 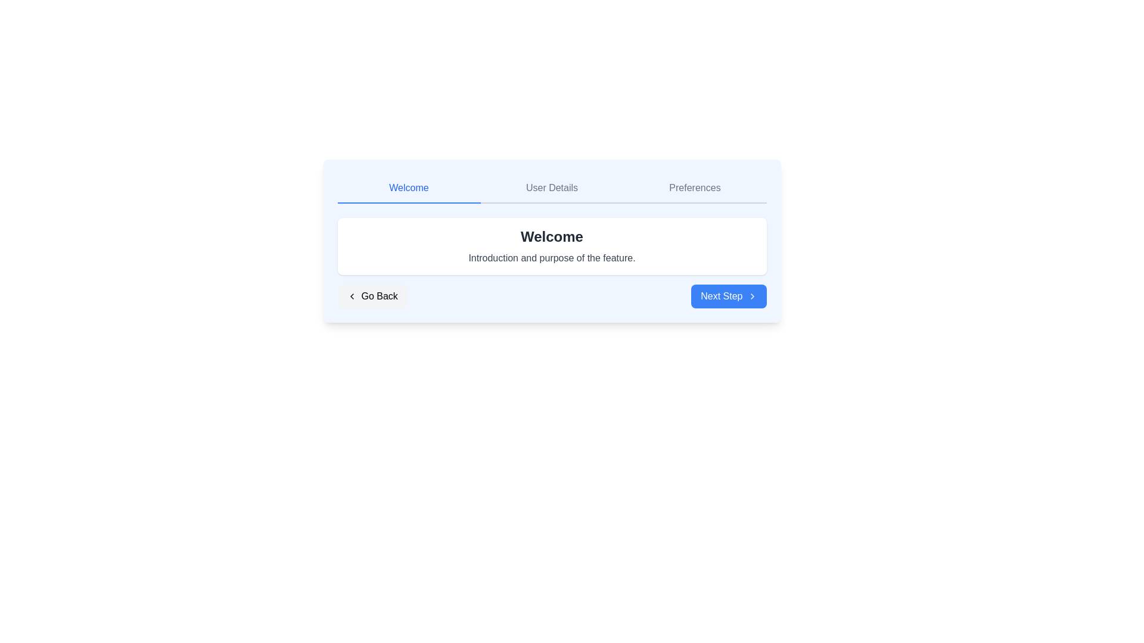 I want to click on the left-facing chevron icon within the 'Go Back' button, which signifies navigation to a previous step or page, so click(x=351, y=295).